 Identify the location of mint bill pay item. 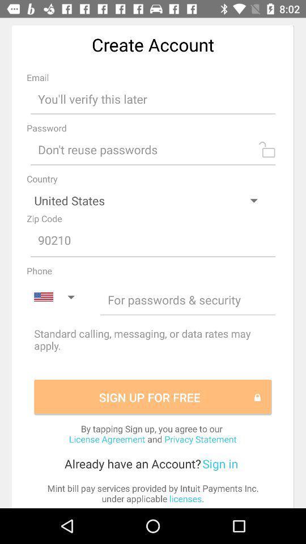
(153, 492).